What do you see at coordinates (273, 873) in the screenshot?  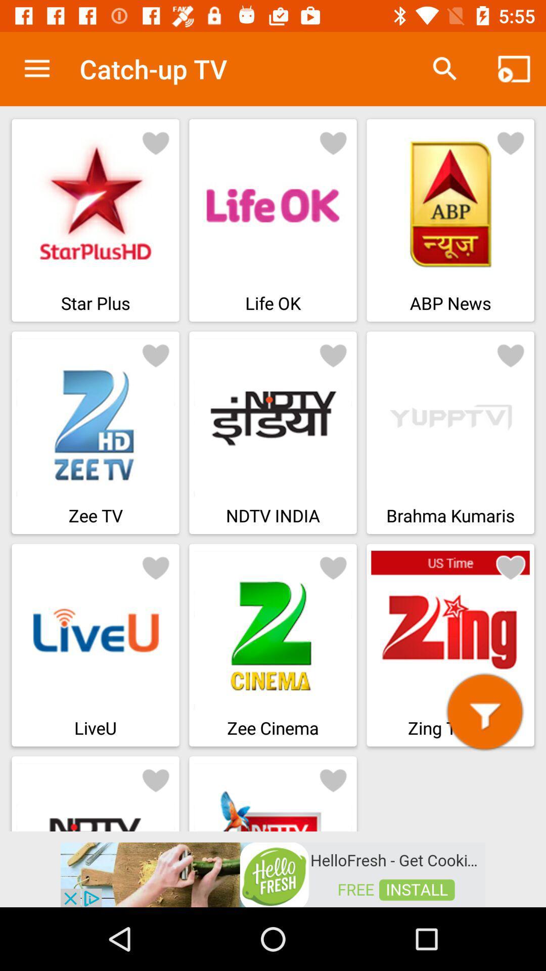 I see `open advertisement` at bounding box center [273, 873].